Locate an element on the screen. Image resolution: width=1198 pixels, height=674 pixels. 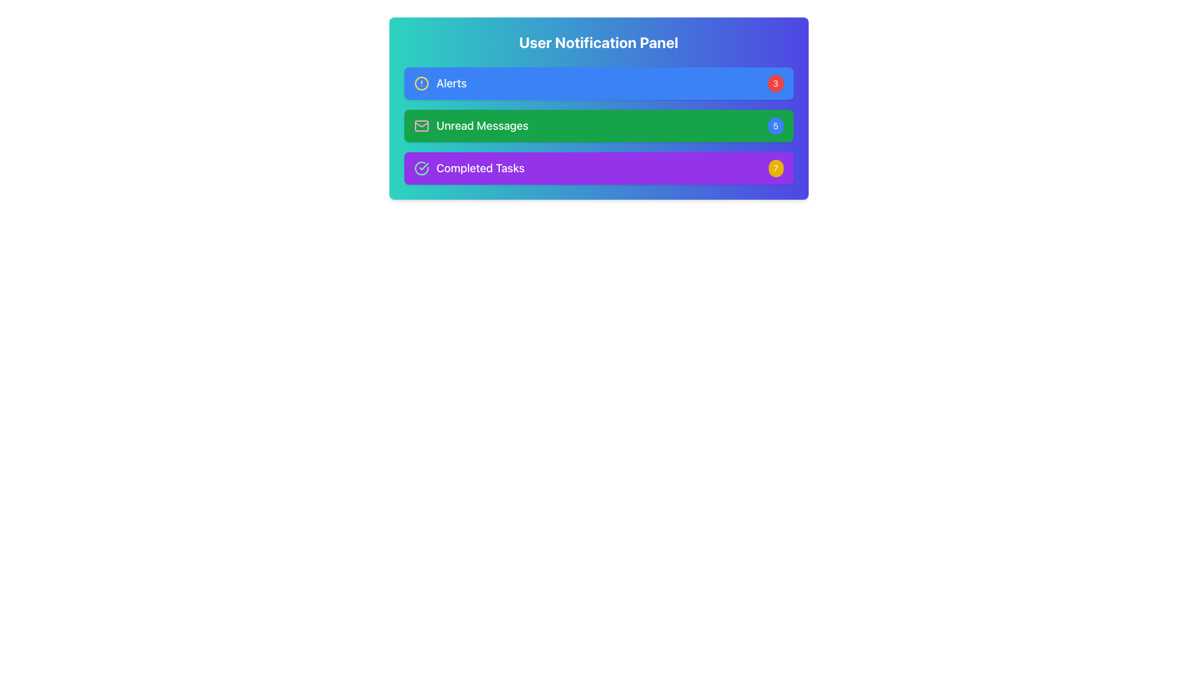
the Notification summary card located in the User Notification Panel is located at coordinates (598, 125).